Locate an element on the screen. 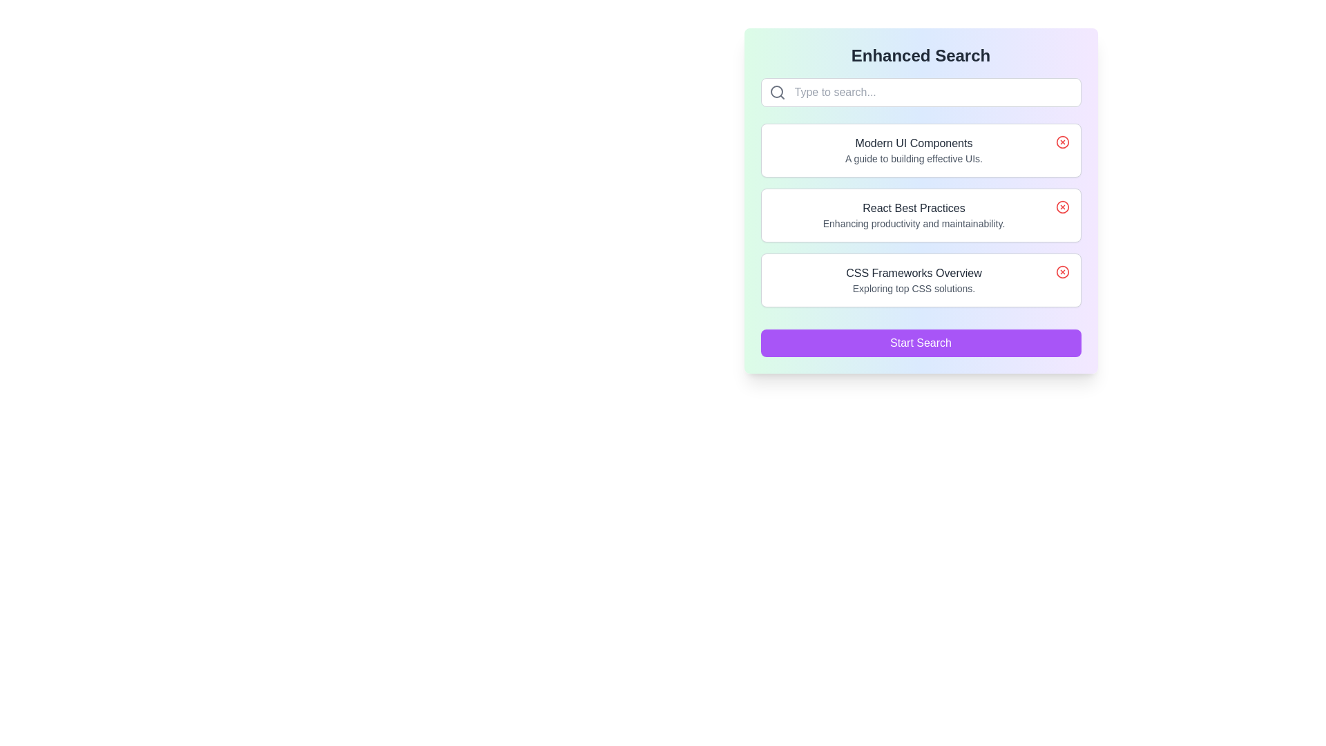  the search button located at the bottom of the vertically stacked group of items, directly below the 'CSS Frameworks Overview' section, to initiate the search operation is located at coordinates (921, 343).